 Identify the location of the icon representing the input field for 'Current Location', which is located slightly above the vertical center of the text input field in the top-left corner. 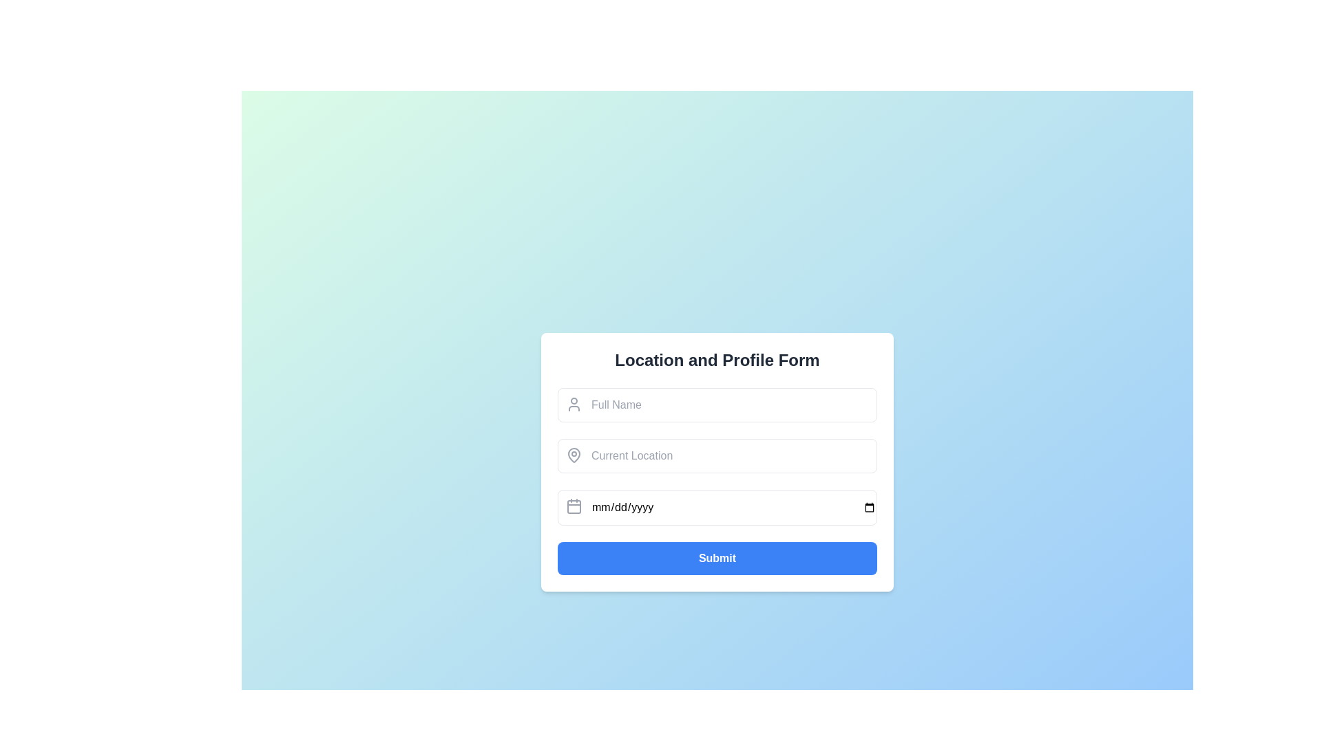
(574, 455).